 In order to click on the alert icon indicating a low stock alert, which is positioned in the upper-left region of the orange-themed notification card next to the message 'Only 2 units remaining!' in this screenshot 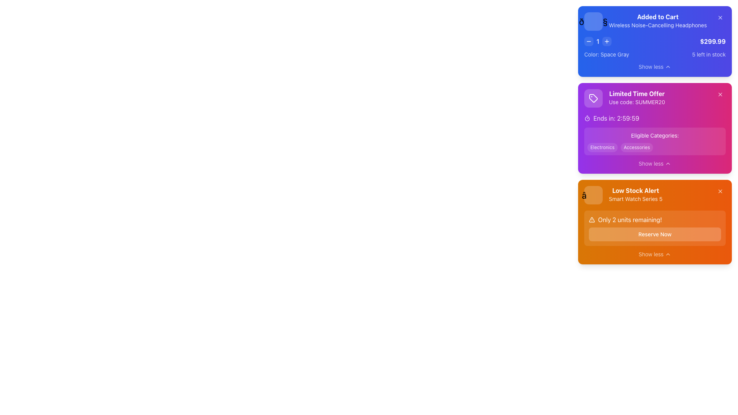, I will do `click(592, 219)`.